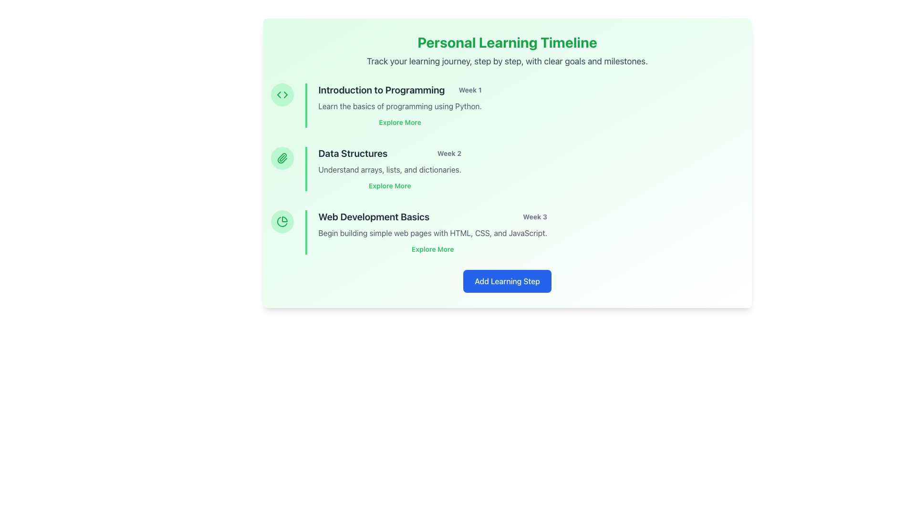 The image size is (916, 515). What do you see at coordinates (425, 232) in the screenshot?
I see `the informational content section with a bordered style, which is the third element in the vertical sequence` at bounding box center [425, 232].